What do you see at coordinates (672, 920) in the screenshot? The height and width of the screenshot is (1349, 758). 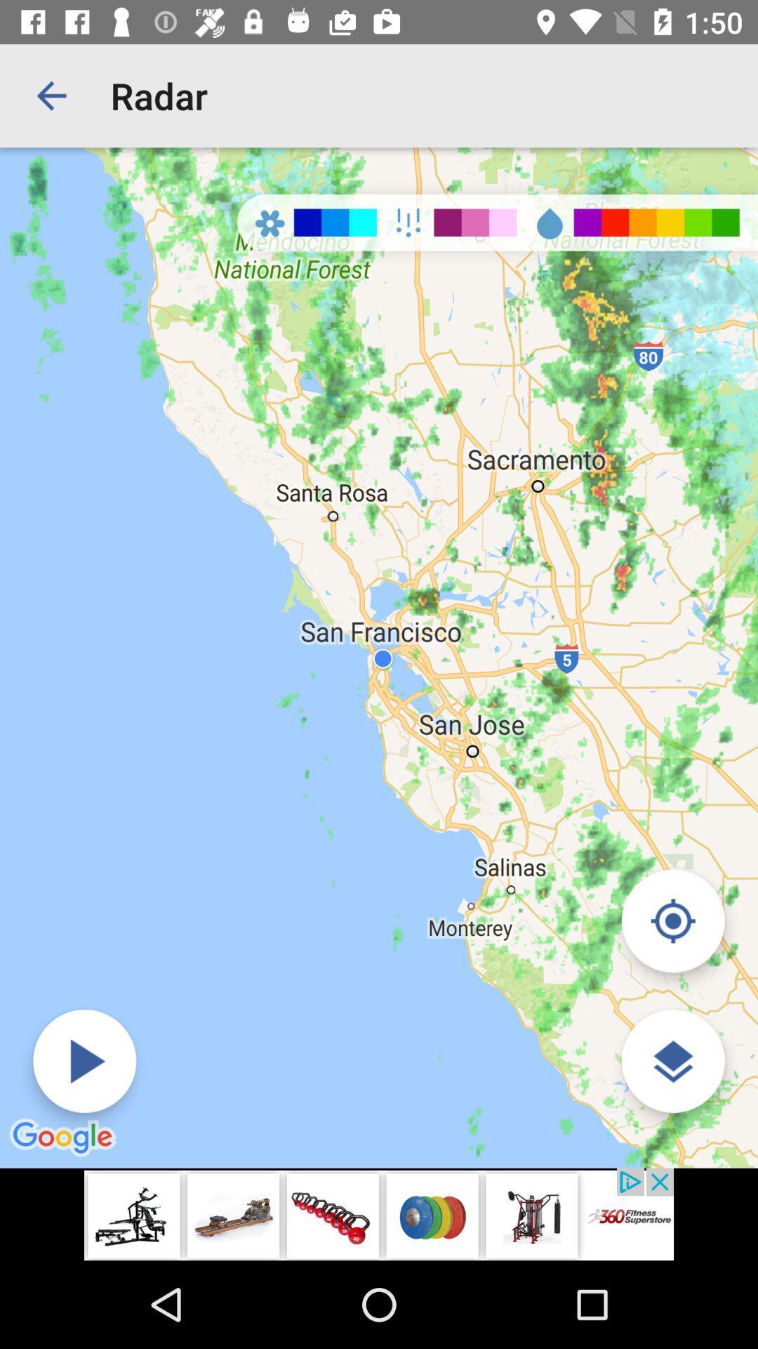 I see `the location_crosshair icon` at bounding box center [672, 920].